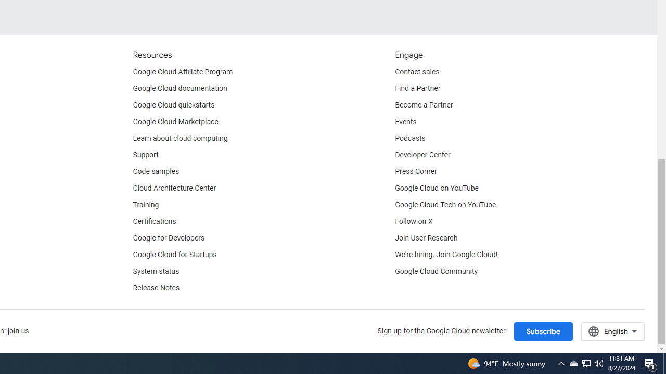 The image size is (666, 374). Describe the element at coordinates (437, 188) in the screenshot. I see `'Google Cloud on YouTube'` at that location.